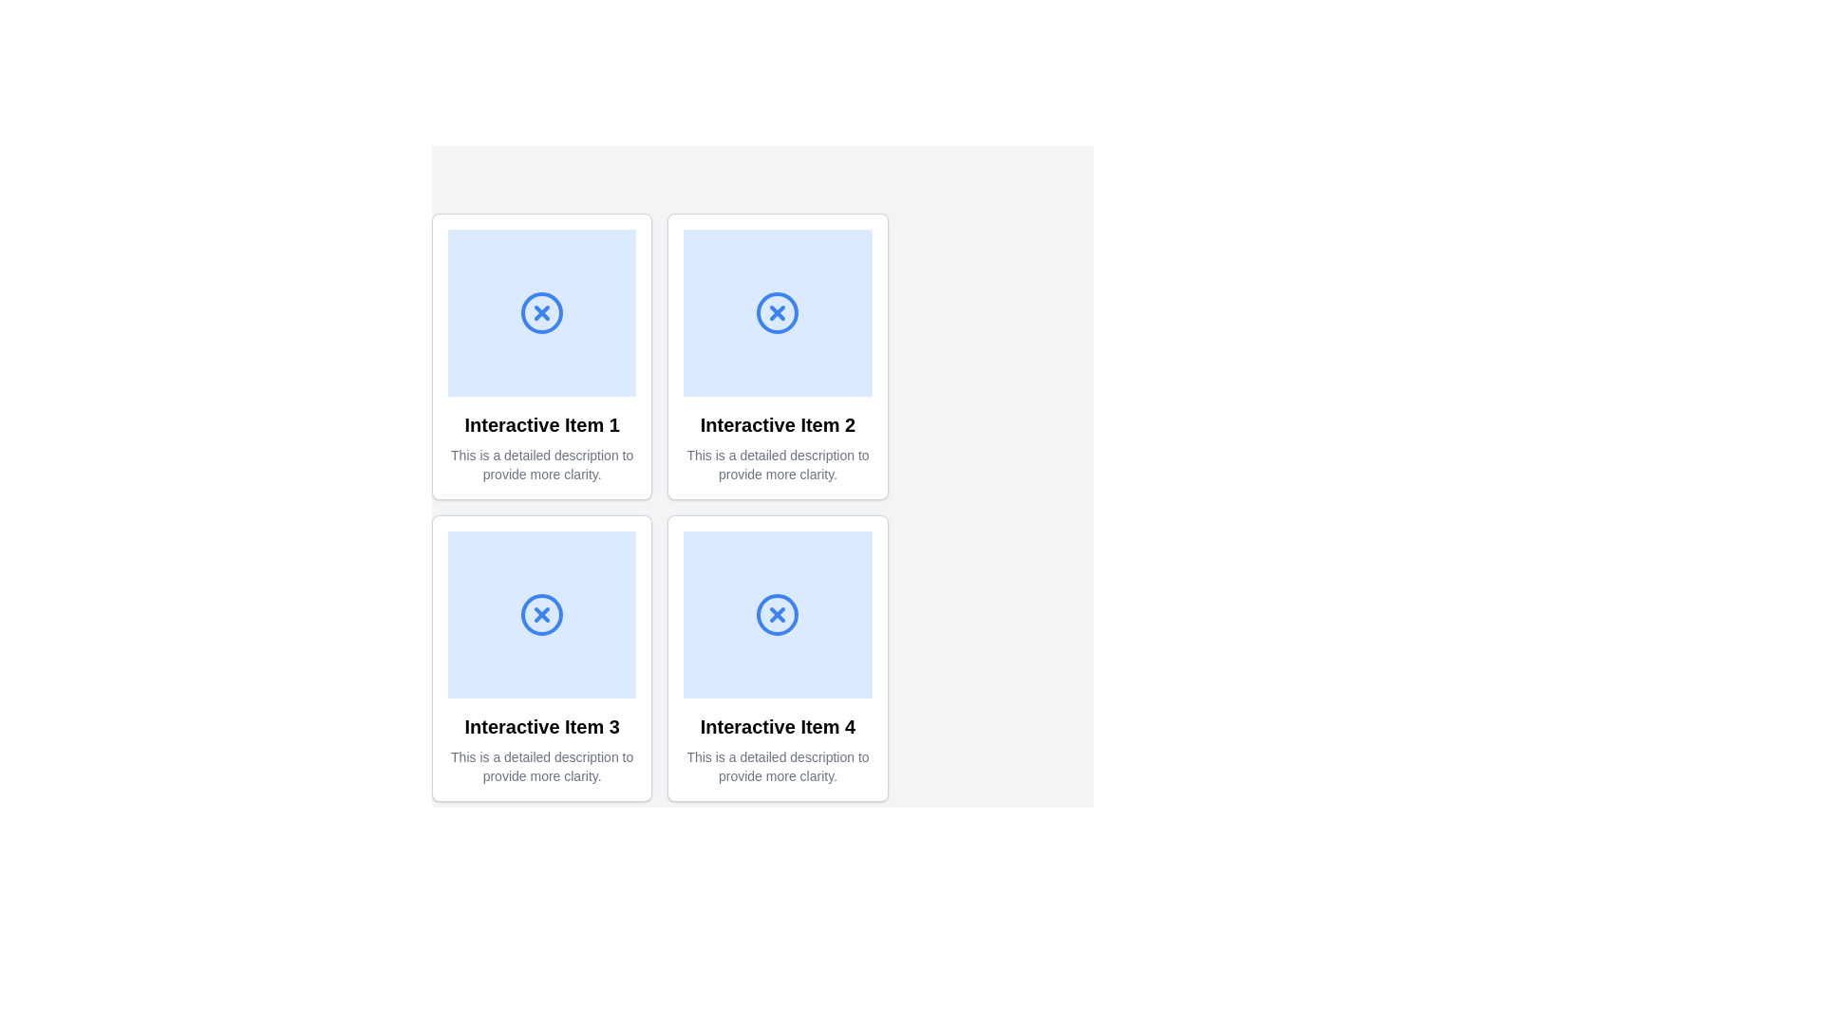 Image resolution: width=1823 pixels, height=1025 pixels. Describe the element at coordinates (541, 915) in the screenshot. I see `the circular SVG graphic element that is centrally placed within the SVG component of 'Interactive Item 3' in the second row of the interactive item grid` at that location.